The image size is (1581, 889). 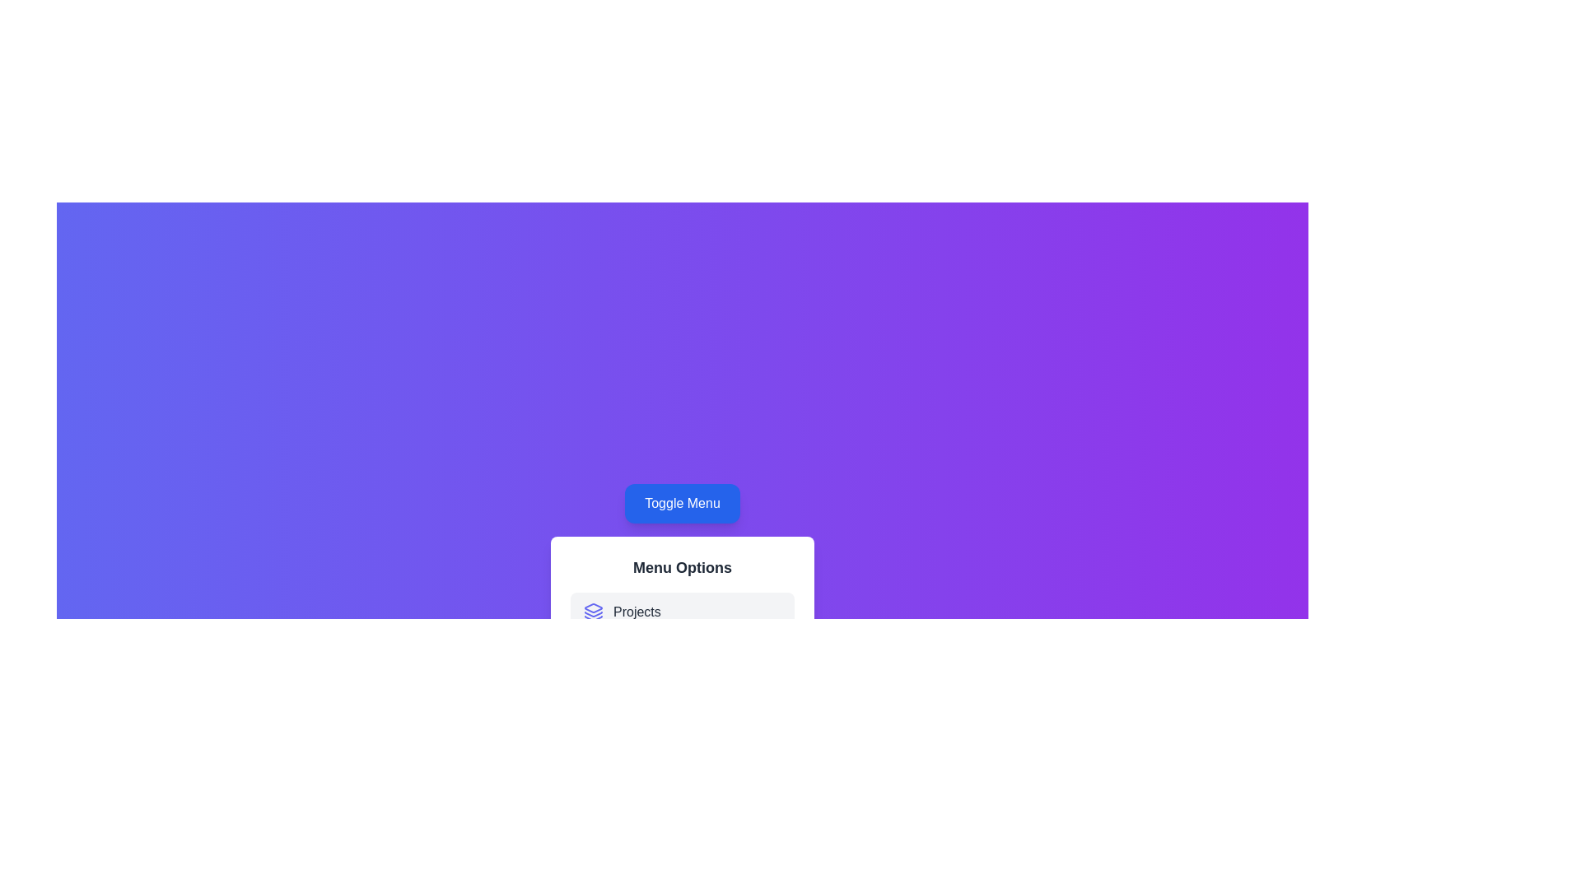 I want to click on the menu item labeled 'Projects' to observe the hover effect, so click(x=683, y=612).